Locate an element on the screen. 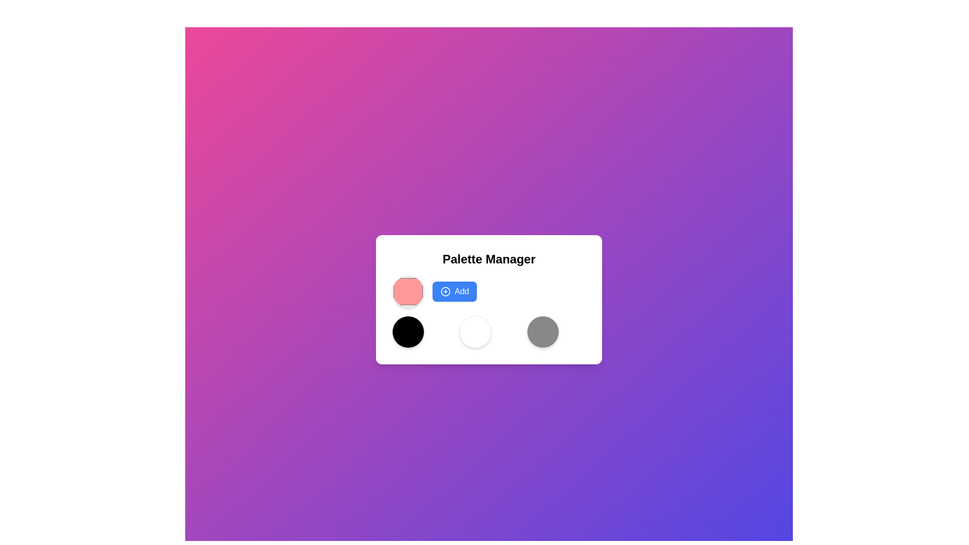 The width and height of the screenshot is (969, 545). the third circular visual element in the Palette Manager section is located at coordinates (542, 332).